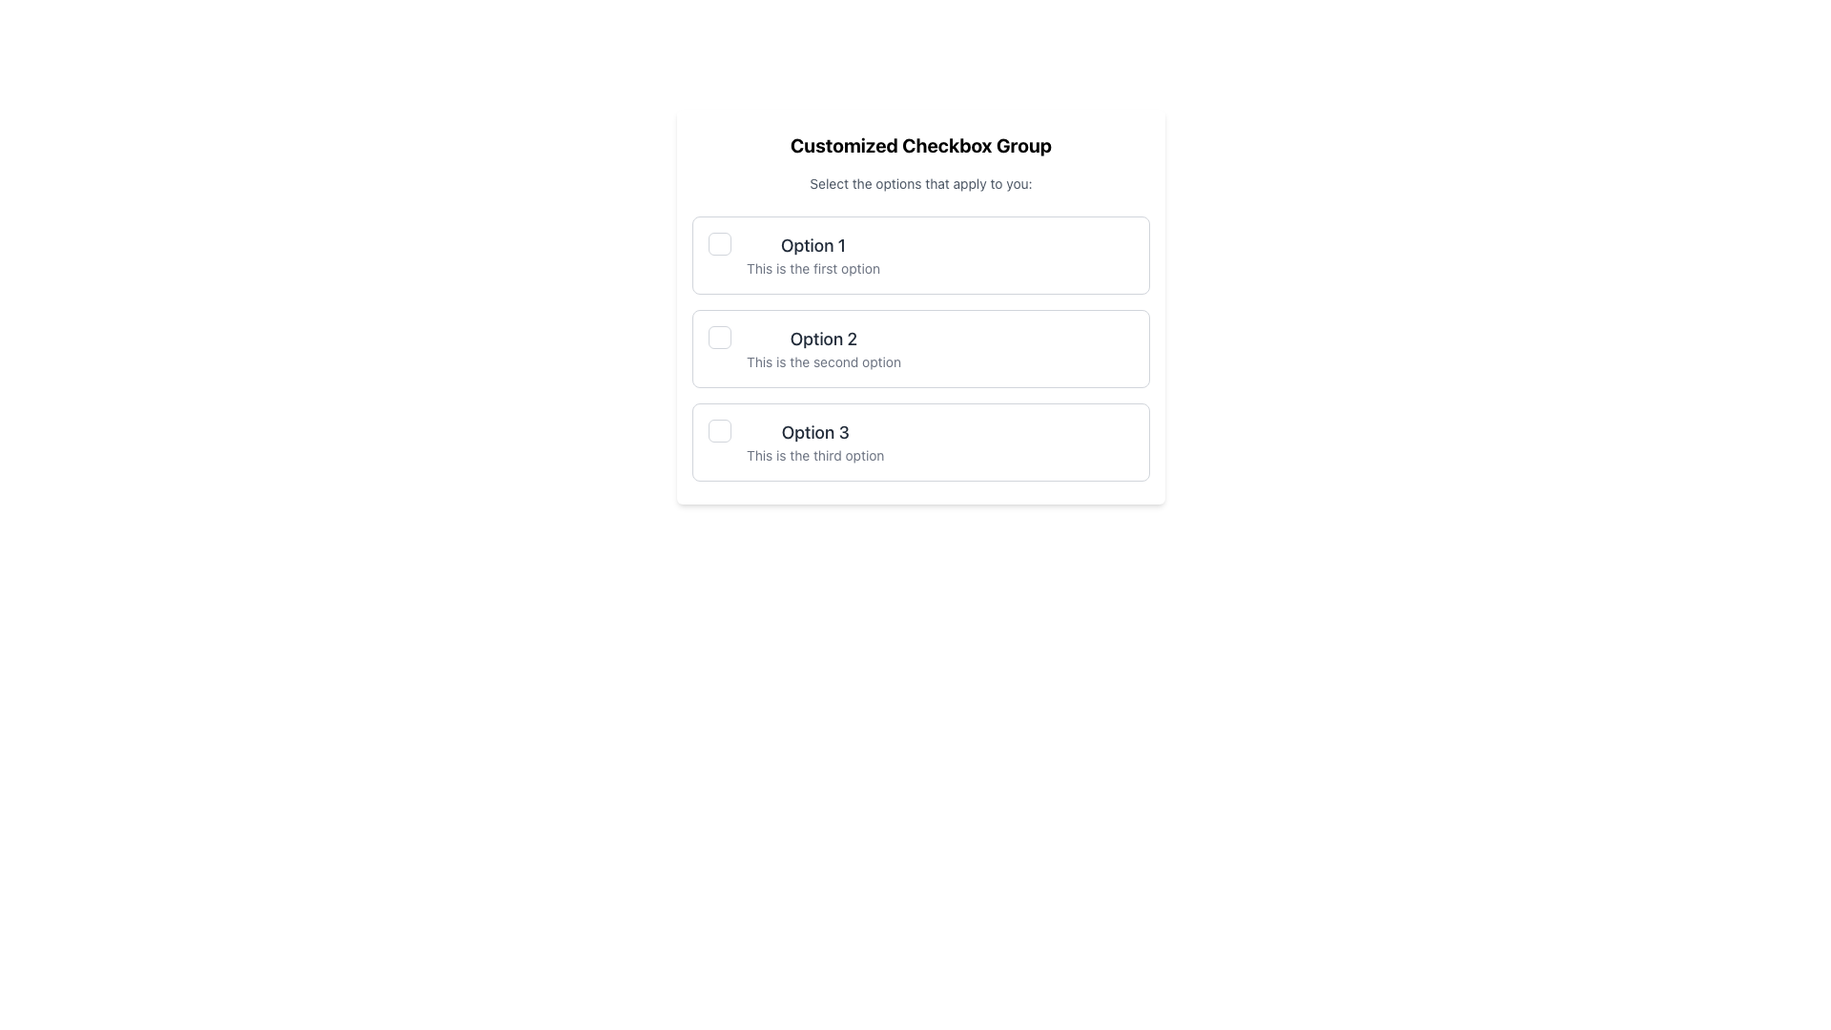  Describe the element at coordinates (920, 349) in the screenshot. I see `the checkbox of the second entry in the 'Customized Checkbox Group'` at that location.